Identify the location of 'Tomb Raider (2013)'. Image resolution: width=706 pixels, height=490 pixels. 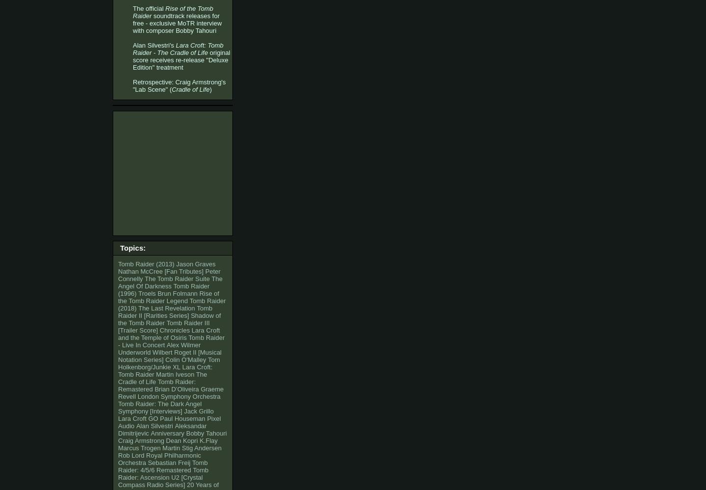
(118, 263).